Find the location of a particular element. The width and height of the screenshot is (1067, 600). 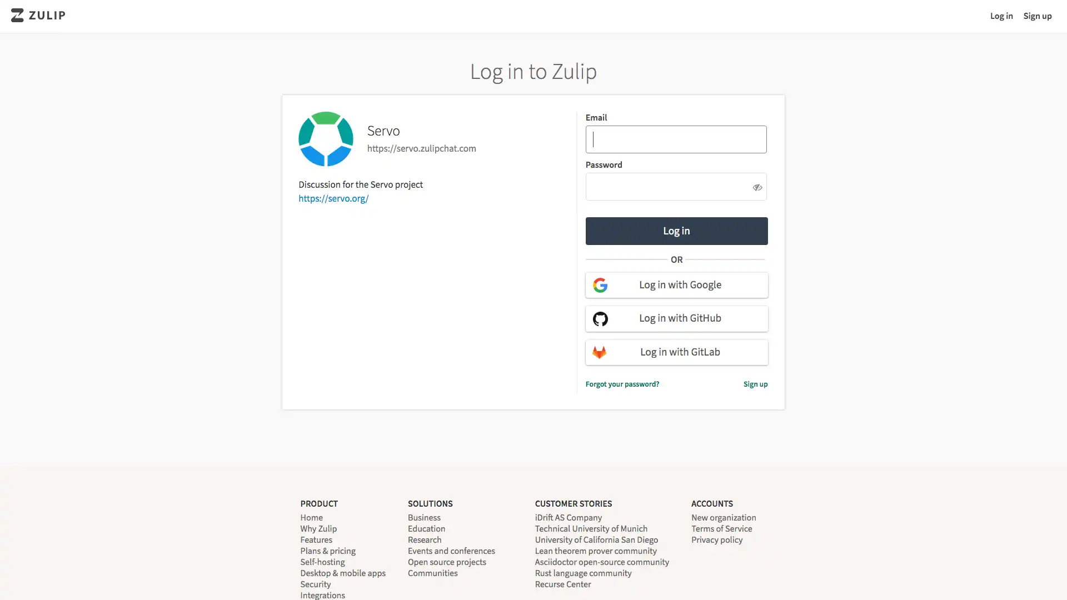

Log in with Google is located at coordinates (676, 284).